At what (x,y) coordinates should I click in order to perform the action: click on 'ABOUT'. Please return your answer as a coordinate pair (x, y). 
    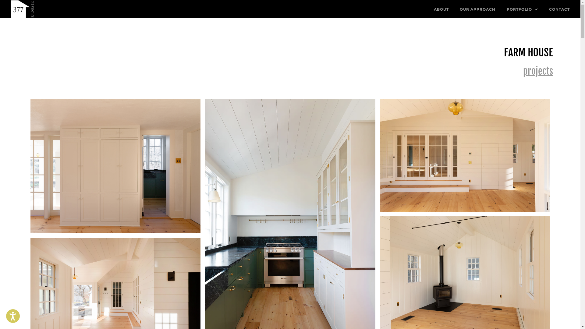
    Looking at the image, I should click on (444, 9).